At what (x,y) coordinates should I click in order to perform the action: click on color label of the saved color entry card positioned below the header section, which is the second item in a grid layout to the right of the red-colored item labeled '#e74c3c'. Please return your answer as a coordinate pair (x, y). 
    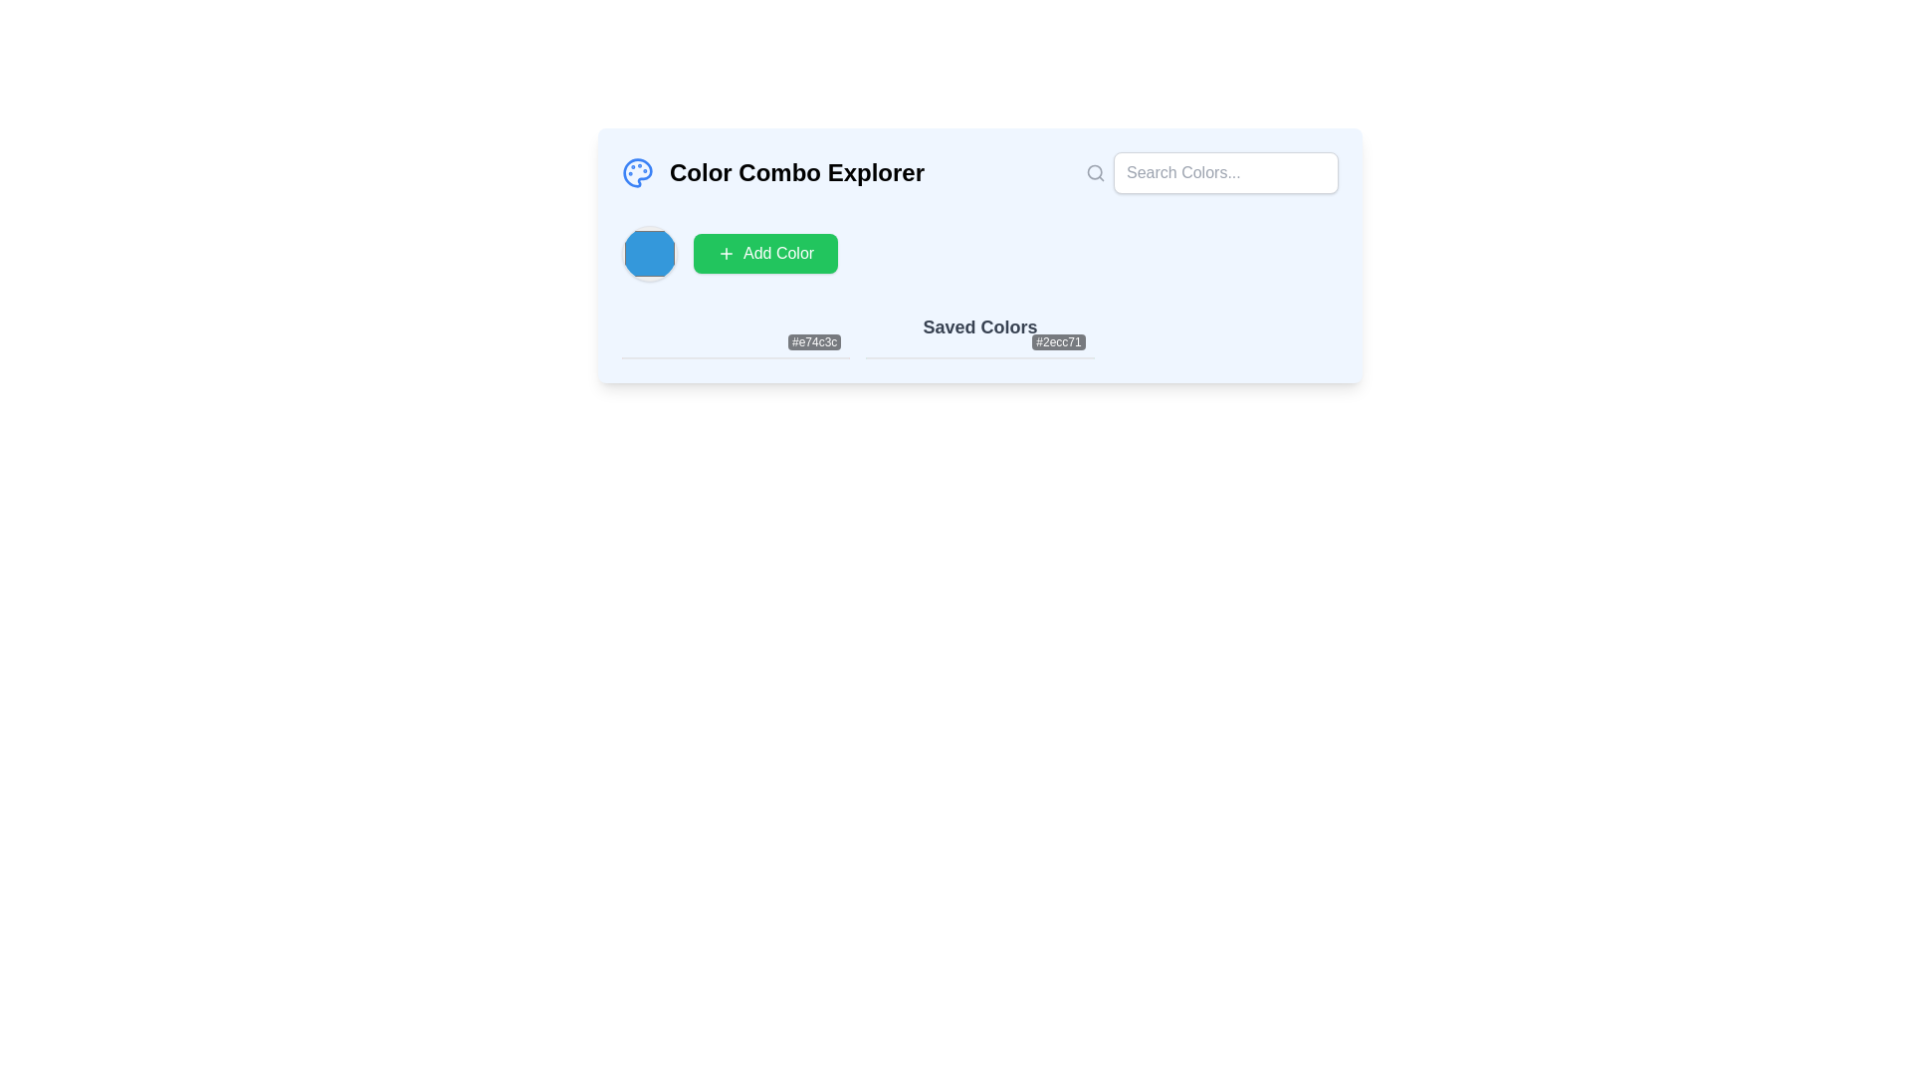
    Looking at the image, I should click on (979, 356).